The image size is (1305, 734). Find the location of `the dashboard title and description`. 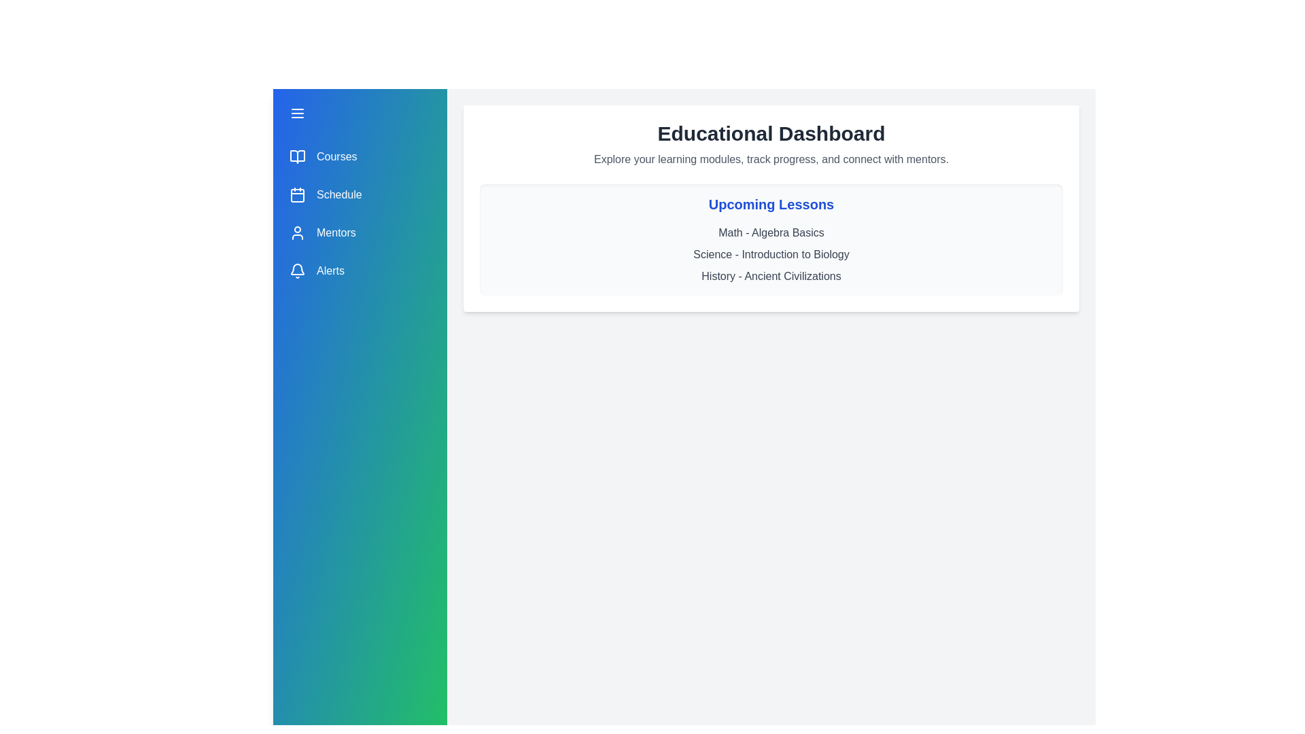

the dashboard title and description is located at coordinates (771, 133).